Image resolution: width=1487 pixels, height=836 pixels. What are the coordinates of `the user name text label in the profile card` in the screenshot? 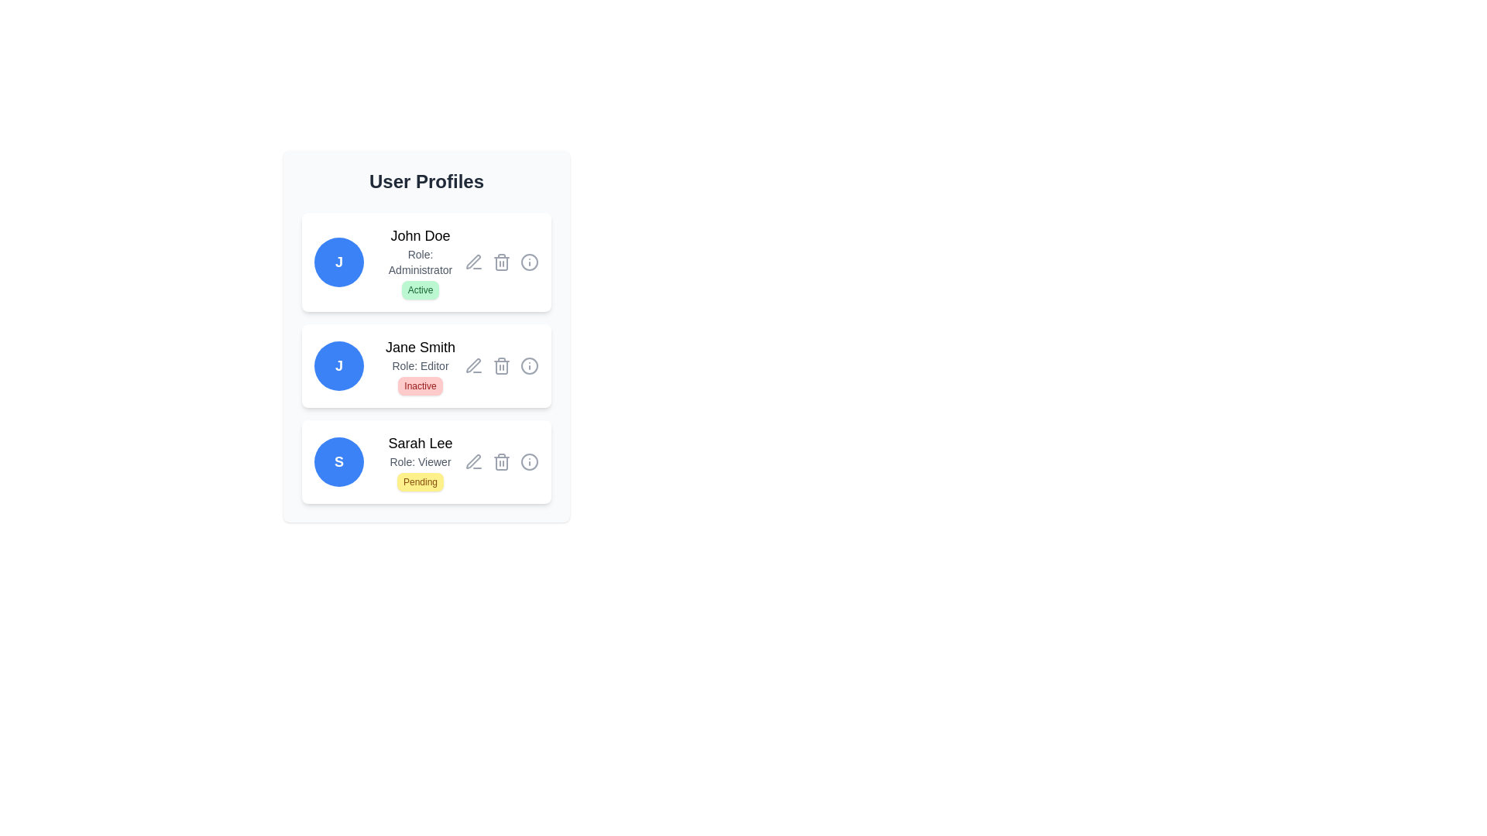 It's located at (420, 444).